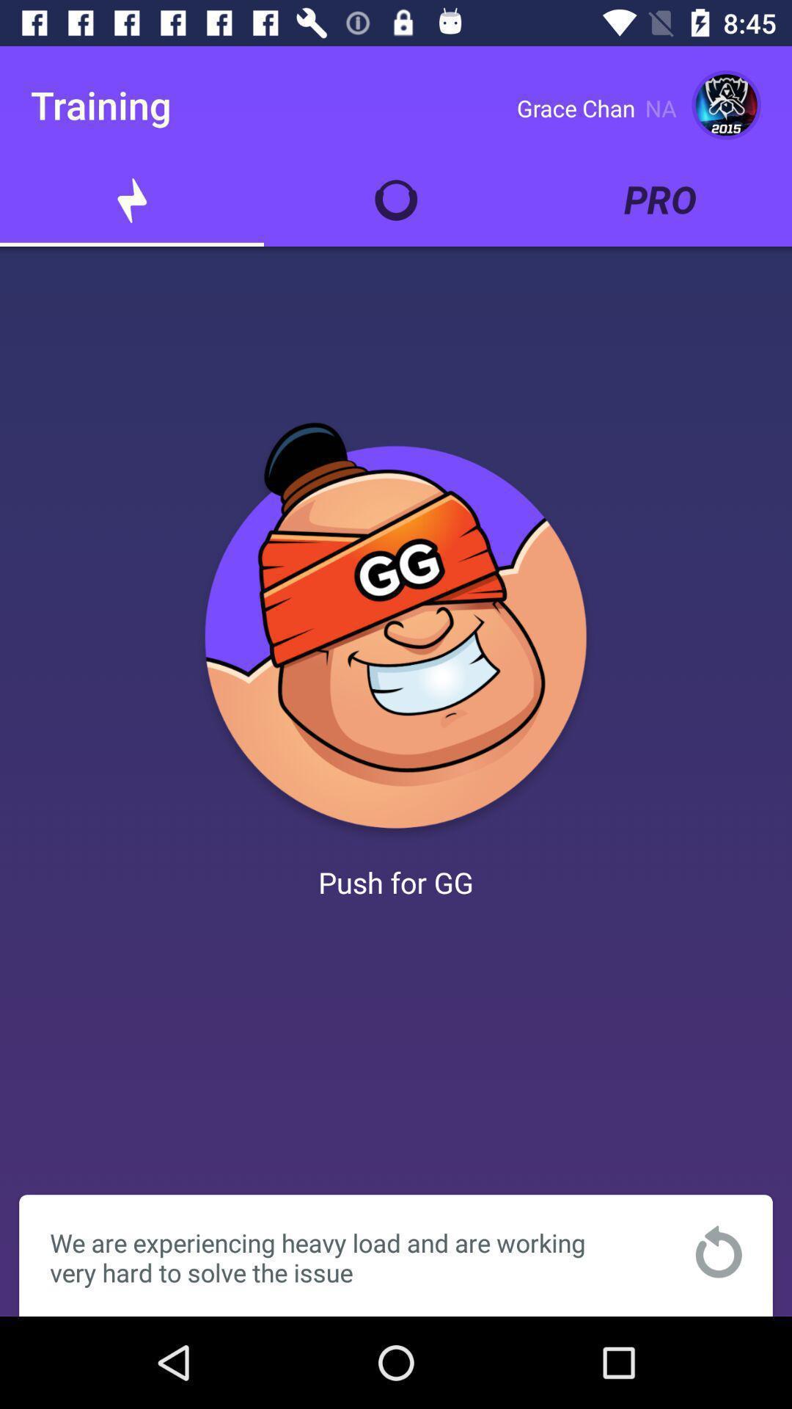 This screenshot has width=792, height=1409. I want to click on refresh to app solve issues, so click(718, 1250).